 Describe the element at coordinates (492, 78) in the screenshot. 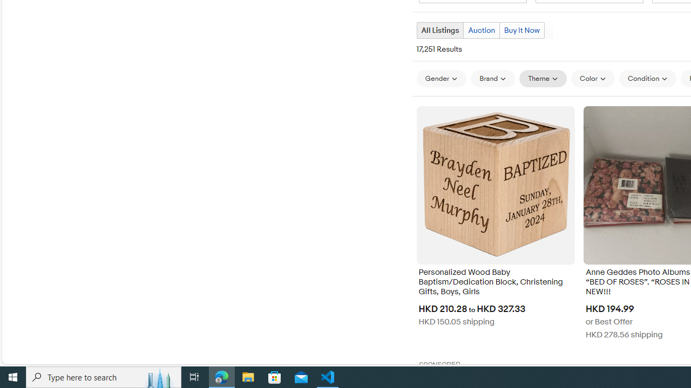

I see `'Brand'` at that location.